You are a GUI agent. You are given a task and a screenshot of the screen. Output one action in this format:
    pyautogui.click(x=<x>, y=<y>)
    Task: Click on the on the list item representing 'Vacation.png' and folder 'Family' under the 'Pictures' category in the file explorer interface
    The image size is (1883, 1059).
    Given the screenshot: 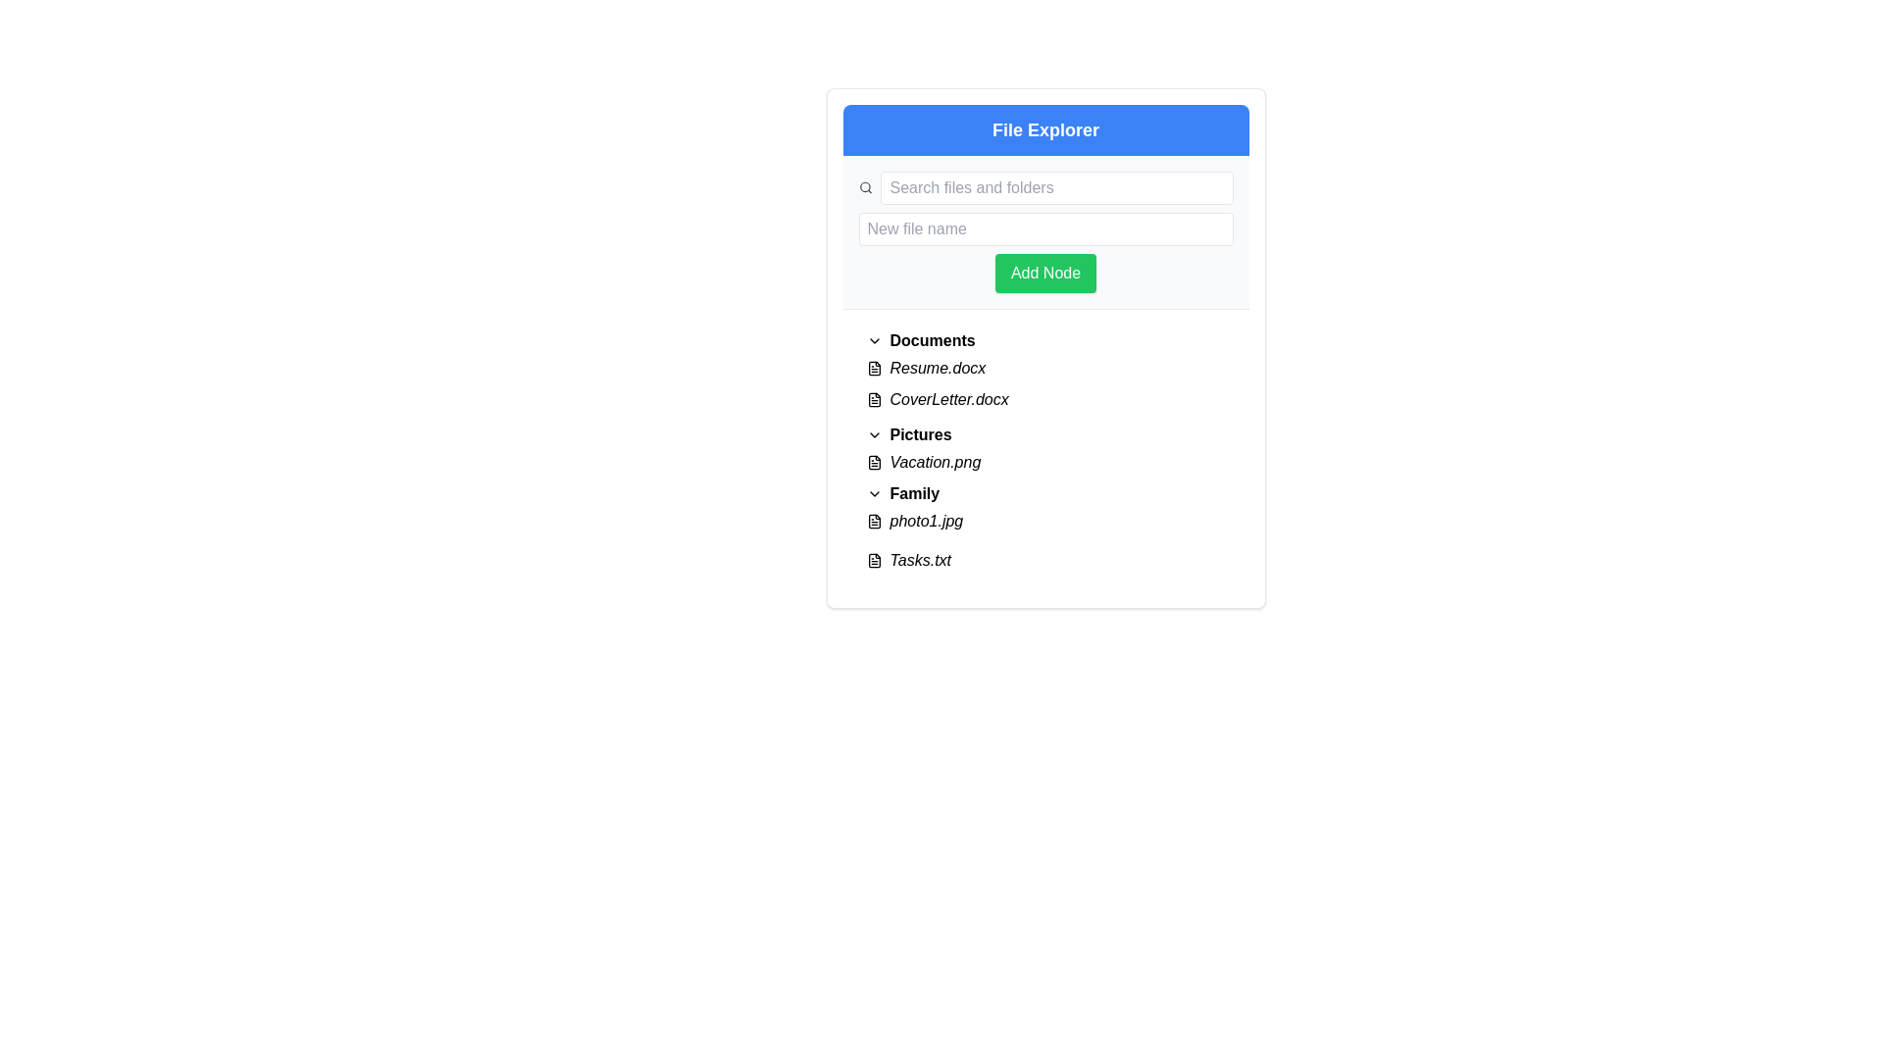 What is the action you would take?
    pyautogui.click(x=1044, y=493)
    